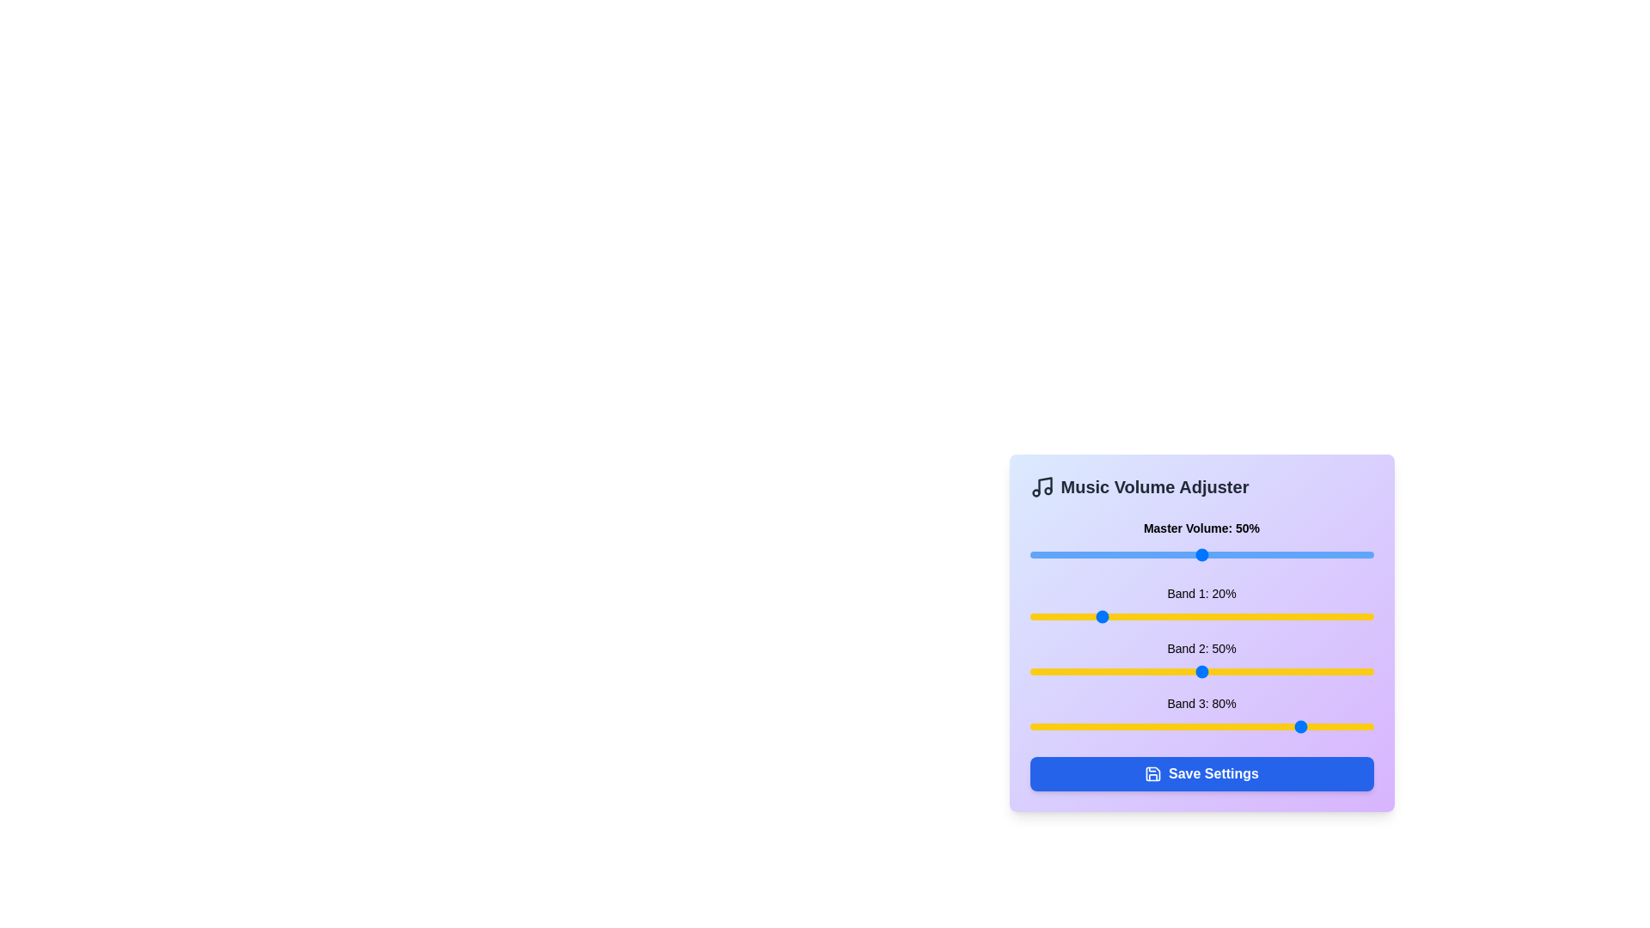 The width and height of the screenshot is (1650, 928). I want to click on 'Band 2' value, so click(1207, 671).